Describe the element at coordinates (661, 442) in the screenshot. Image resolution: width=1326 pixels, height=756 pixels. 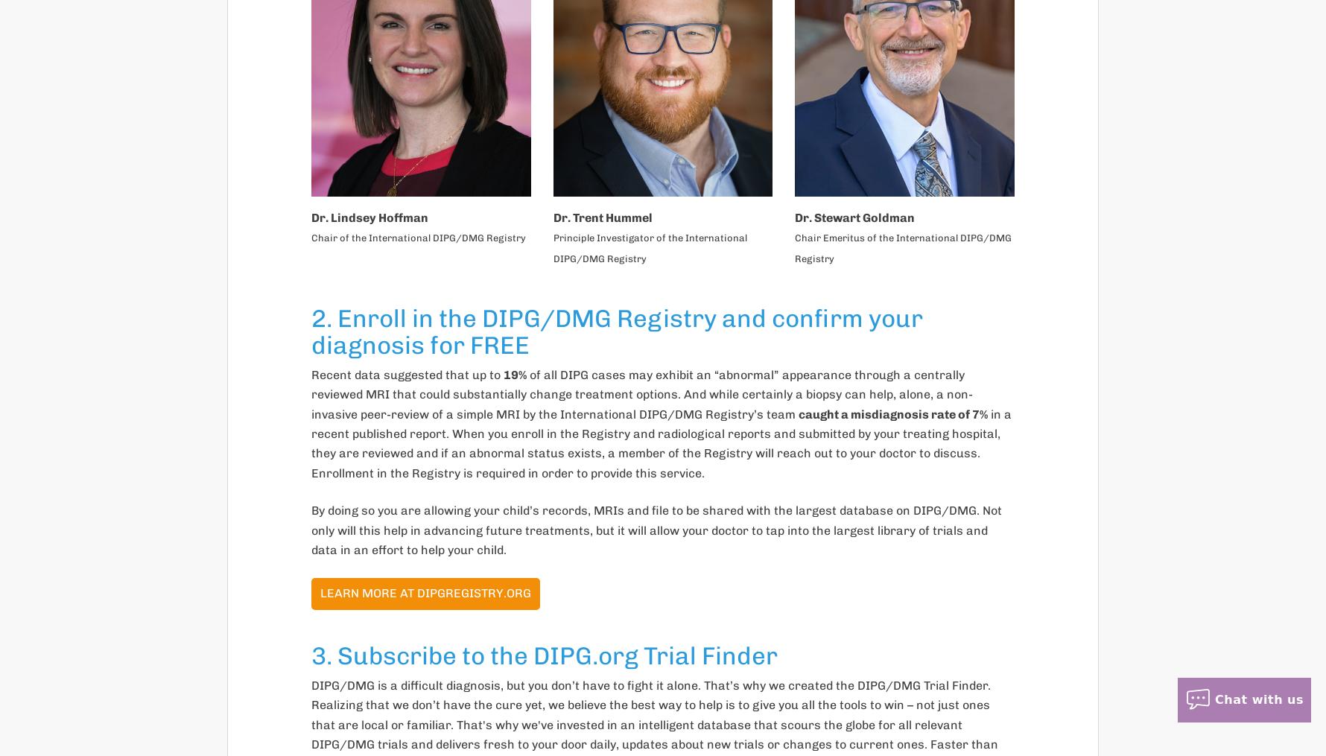
I see `'in a recent published report. When you enroll in the Registry and radiological reports and submitted by your treating hospital, they are reviewed and if an abnormal status exists, a member of the Registry will reach out to your doctor to discuss. Enrollment in the Registry is required in order to provide this service.'` at that location.